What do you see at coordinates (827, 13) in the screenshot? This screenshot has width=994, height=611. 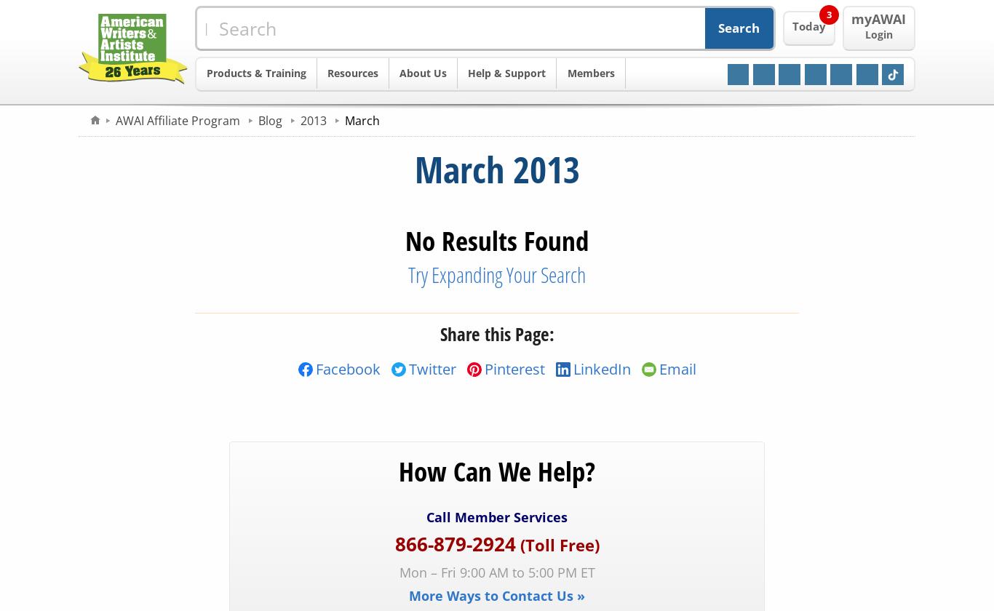 I see `'3'` at bounding box center [827, 13].